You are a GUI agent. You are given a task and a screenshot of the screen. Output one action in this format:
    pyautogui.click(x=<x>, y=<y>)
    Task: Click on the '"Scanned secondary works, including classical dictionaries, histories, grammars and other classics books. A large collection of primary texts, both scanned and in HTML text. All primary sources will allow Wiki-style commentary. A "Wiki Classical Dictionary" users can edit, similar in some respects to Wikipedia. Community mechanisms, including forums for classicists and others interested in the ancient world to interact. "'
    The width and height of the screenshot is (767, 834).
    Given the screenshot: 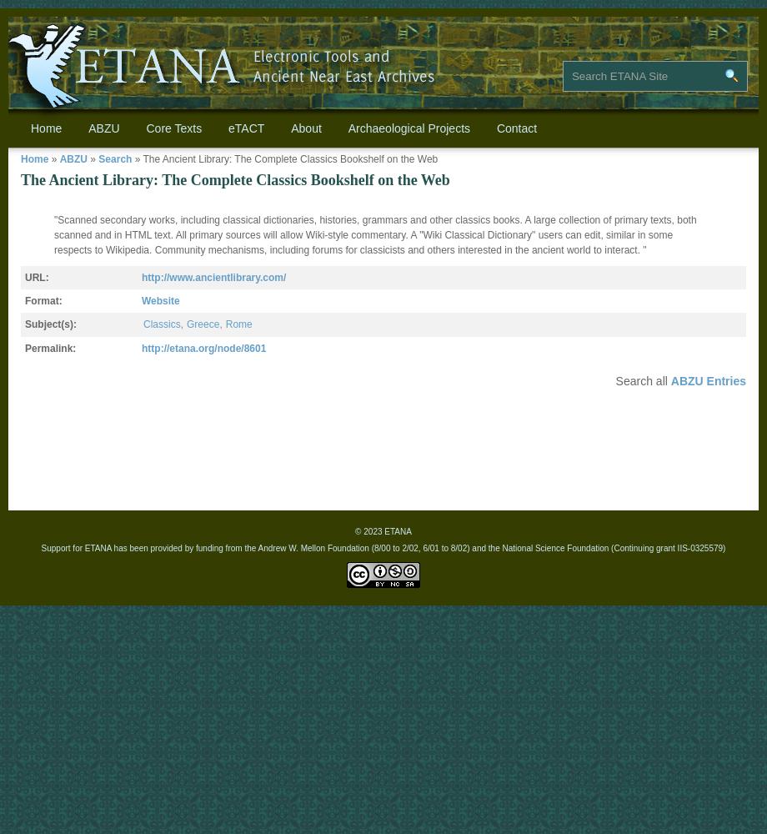 What is the action you would take?
    pyautogui.click(x=373, y=235)
    